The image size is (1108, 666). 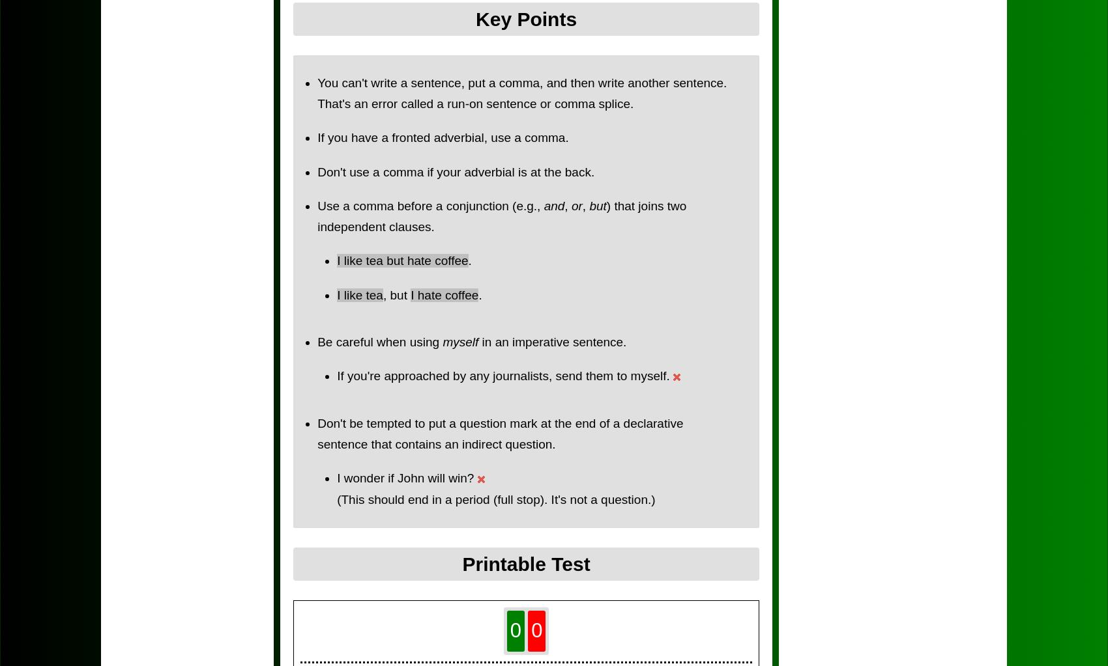 What do you see at coordinates (460, 341) in the screenshot?
I see `'myself'` at bounding box center [460, 341].